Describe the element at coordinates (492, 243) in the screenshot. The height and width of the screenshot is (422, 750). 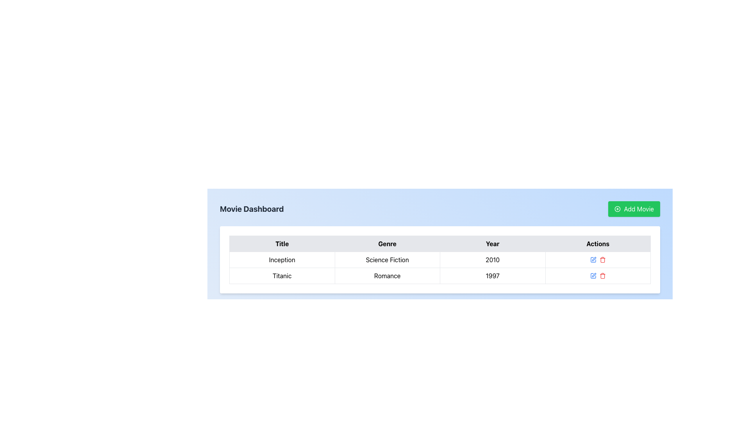
I see `the 'Year' column header in the table, which is the third header from the left, positioned between 'Genre' and 'Actions'` at that location.